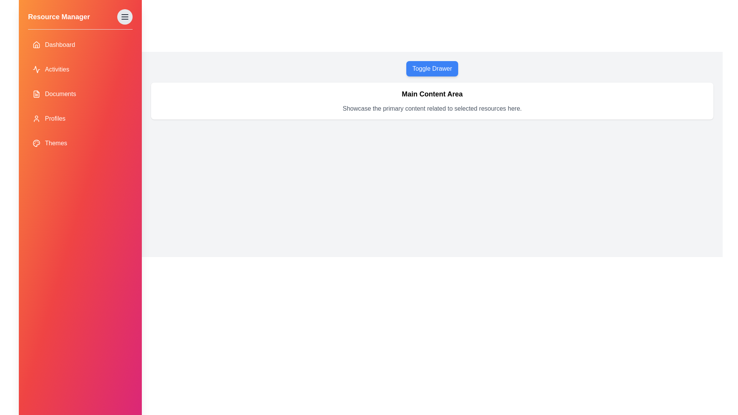 Image resolution: width=738 pixels, height=415 pixels. What do you see at coordinates (432, 68) in the screenshot?
I see `the 'Toggle Drawer' button to toggle the drawer visibility` at bounding box center [432, 68].